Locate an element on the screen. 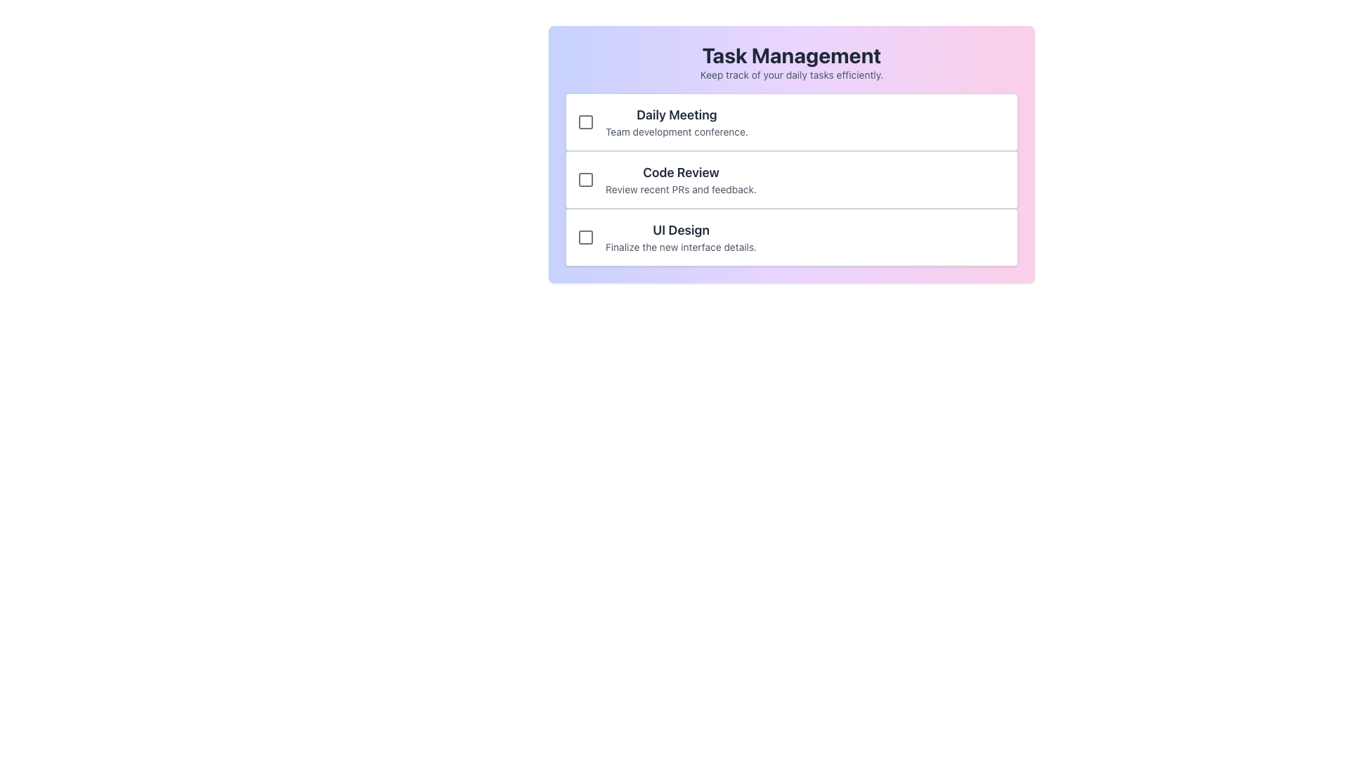 This screenshot has width=1349, height=759. the text block with header 'UI Design' and subtitle 'Finalize the new interface details', which is the third item in the 'Task Management' section, featuring a checkbox to its left is located at coordinates (681, 237).